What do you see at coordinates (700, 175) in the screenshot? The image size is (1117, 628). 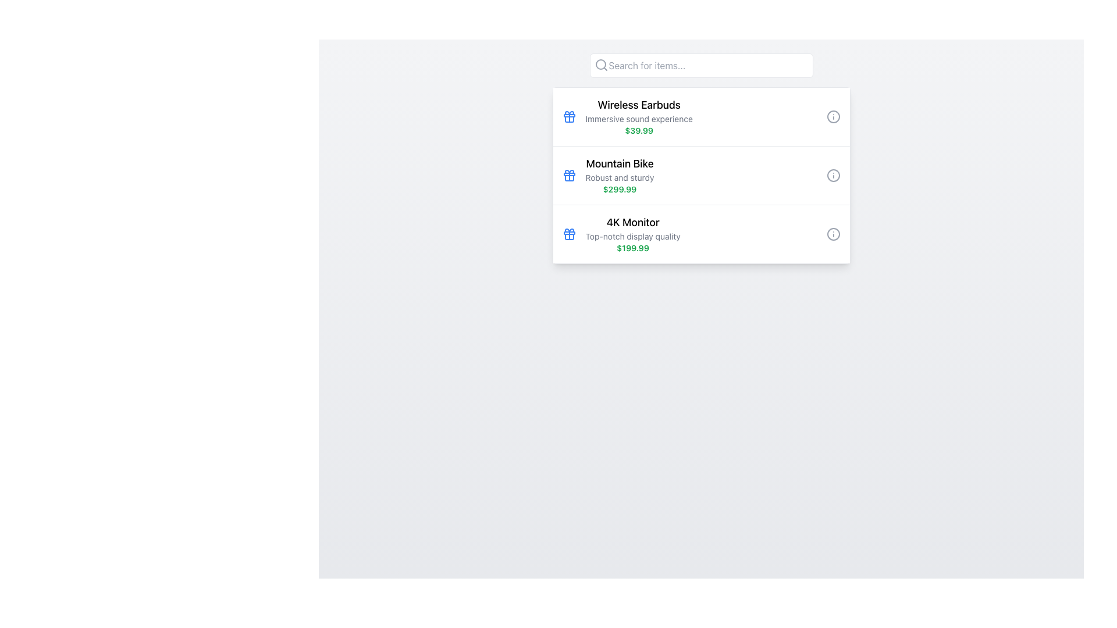 I see `product details of the Mountain Bike entry, which includes the product name, description, and price` at bounding box center [700, 175].